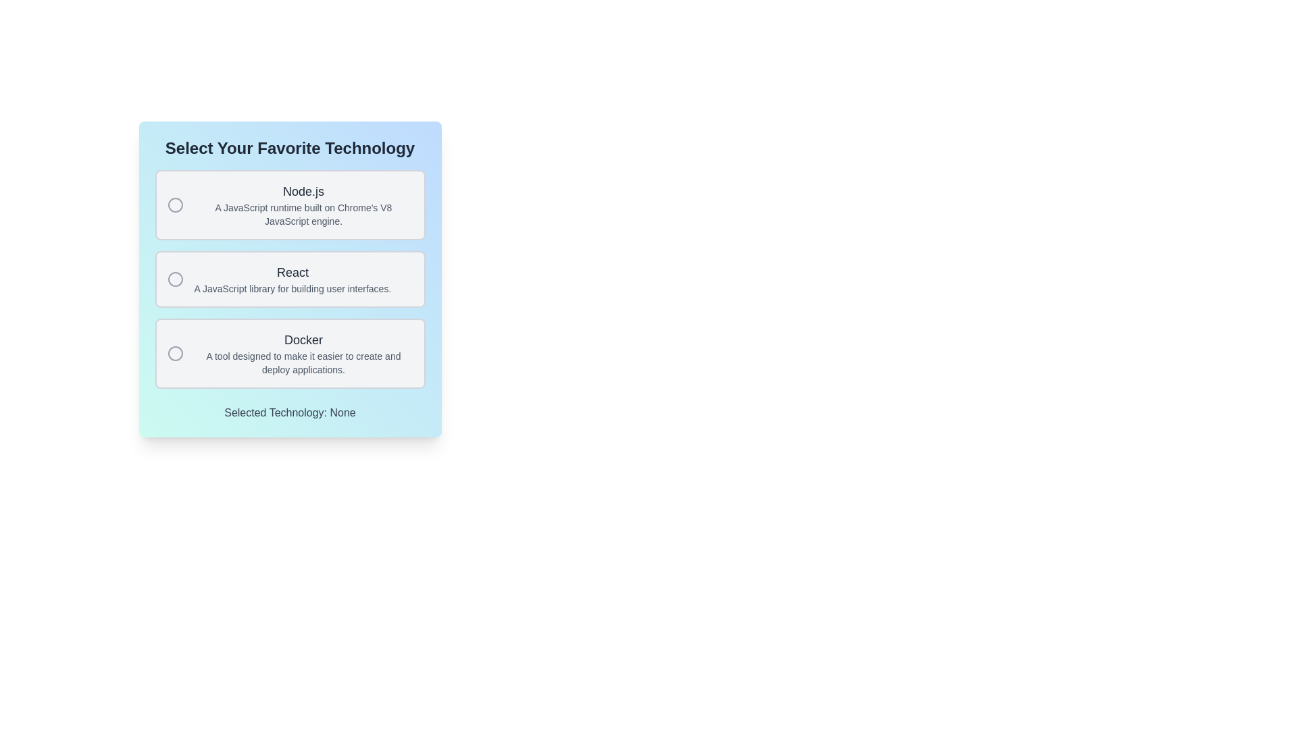 The width and height of the screenshot is (1297, 729). Describe the element at coordinates (174, 278) in the screenshot. I see `the second radio button in the 'Select Your Favorite Technology' list, located to the left of the 'React' option` at that location.